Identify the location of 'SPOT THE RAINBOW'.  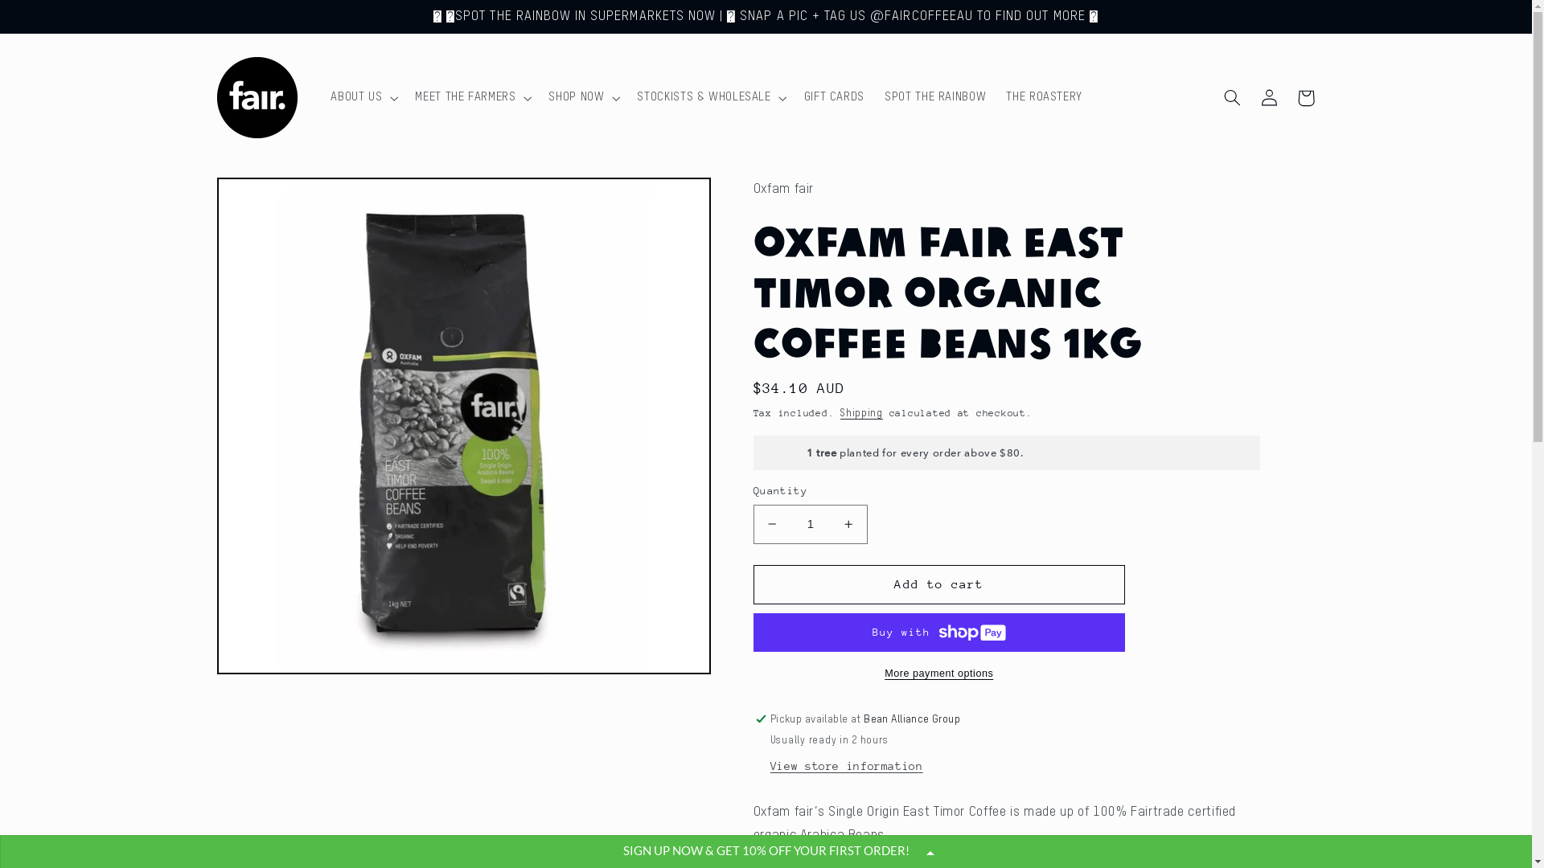
(935, 98).